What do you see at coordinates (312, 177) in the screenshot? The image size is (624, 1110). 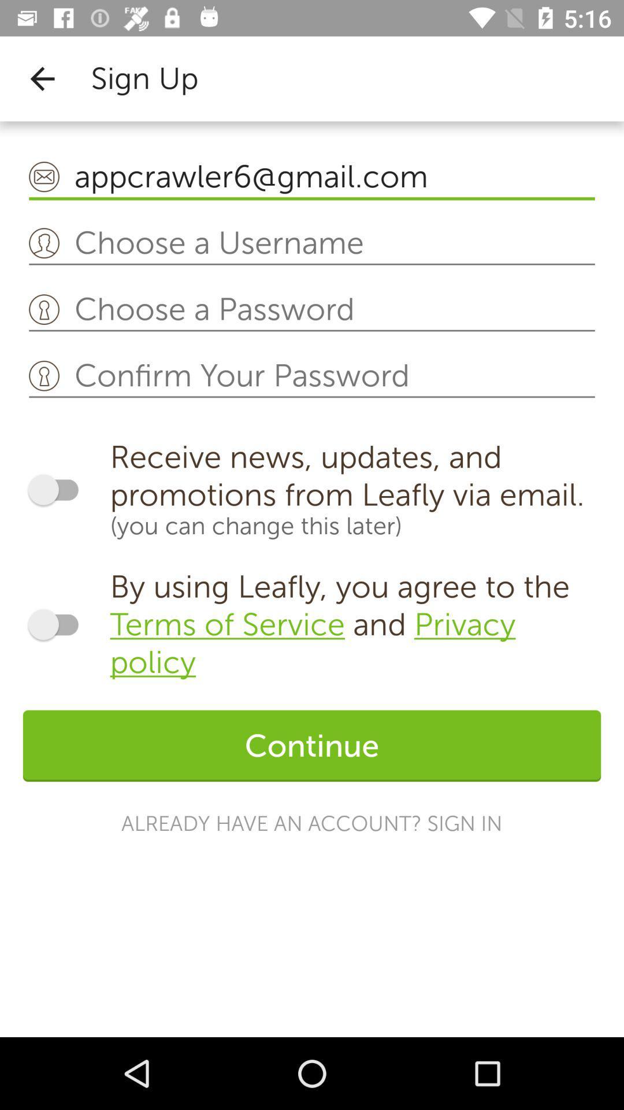 I see `the appcrawler6@gmail.com` at bounding box center [312, 177].